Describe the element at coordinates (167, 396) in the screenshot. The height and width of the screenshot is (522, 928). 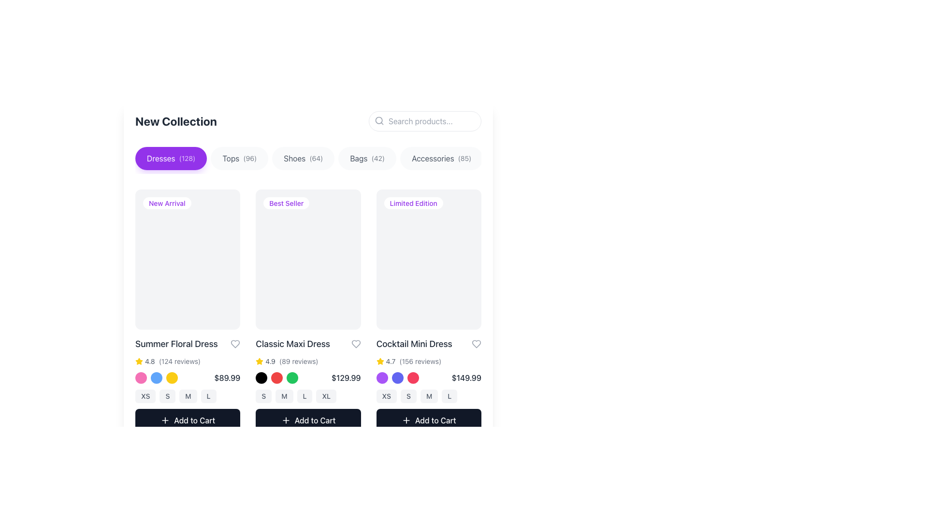
I see `the button labeled 'S' which is the second button from the left in a row of buttons including 'XS', 'S', 'M', and 'L'` at that location.